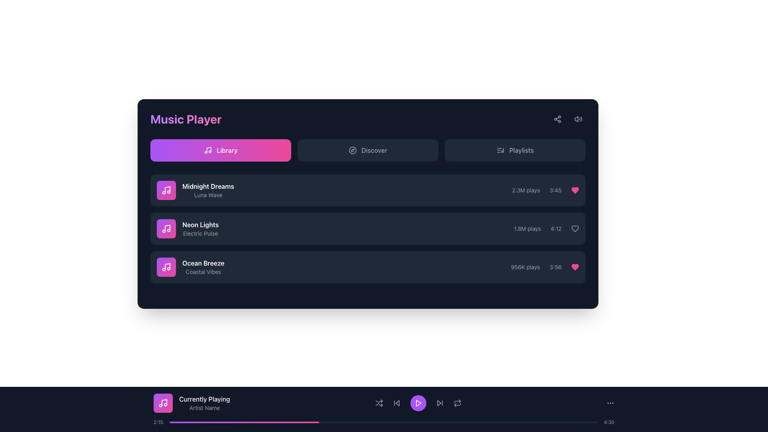  Describe the element at coordinates (368, 150) in the screenshot. I see `the 'Discover' button, which is a rectangular button with rounded corners and a dark gray background` at that location.